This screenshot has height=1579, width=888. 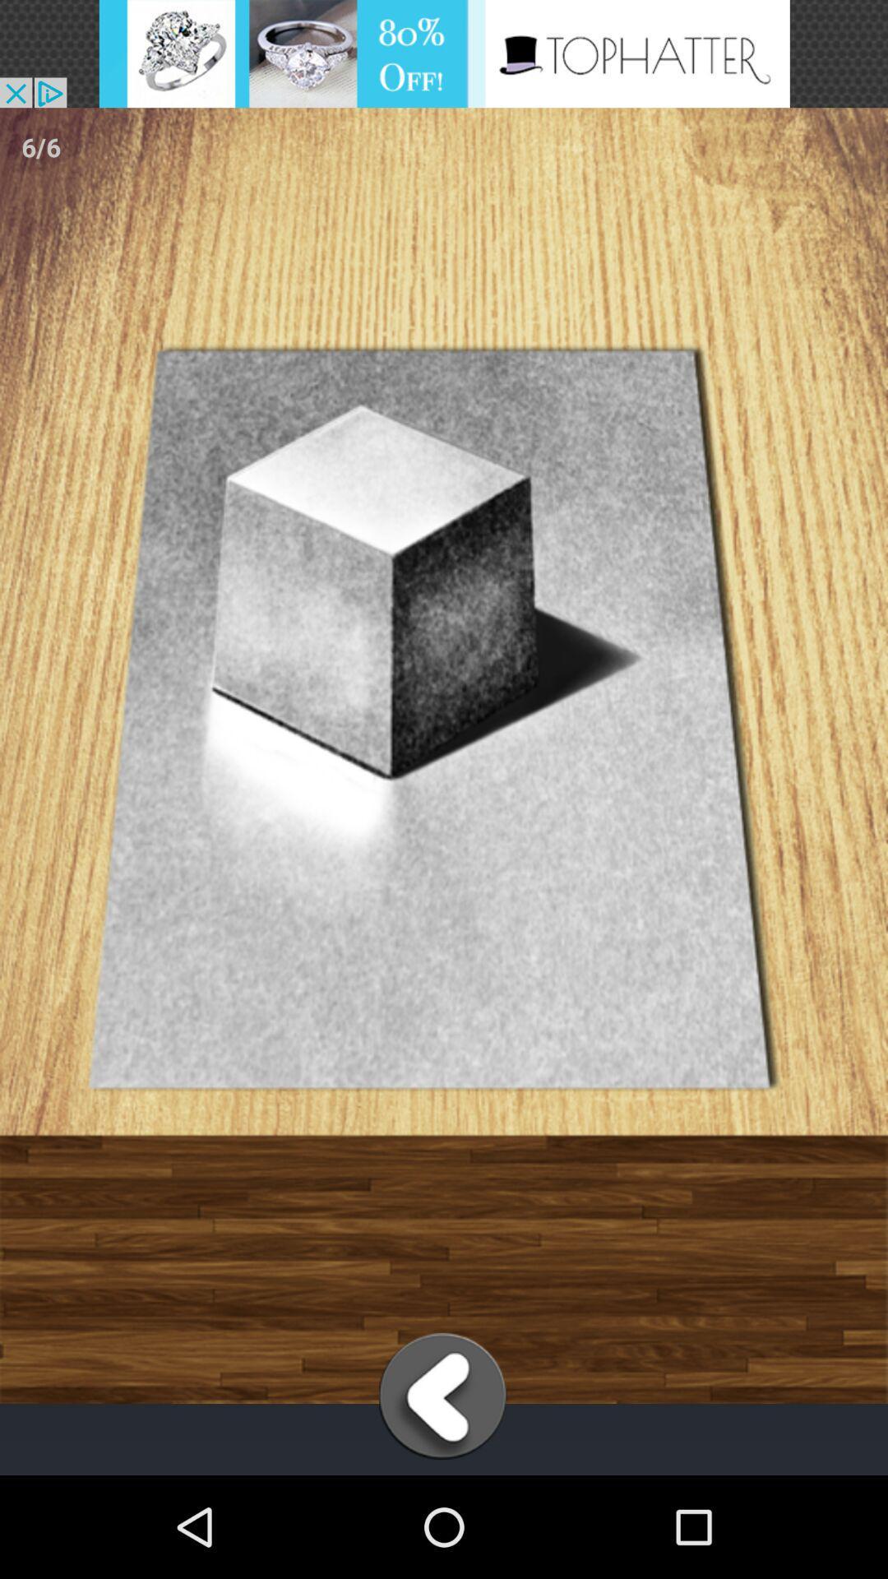 What do you see at coordinates (444, 1396) in the screenshot?
I see `go back` at bounding box center [444, 1396].